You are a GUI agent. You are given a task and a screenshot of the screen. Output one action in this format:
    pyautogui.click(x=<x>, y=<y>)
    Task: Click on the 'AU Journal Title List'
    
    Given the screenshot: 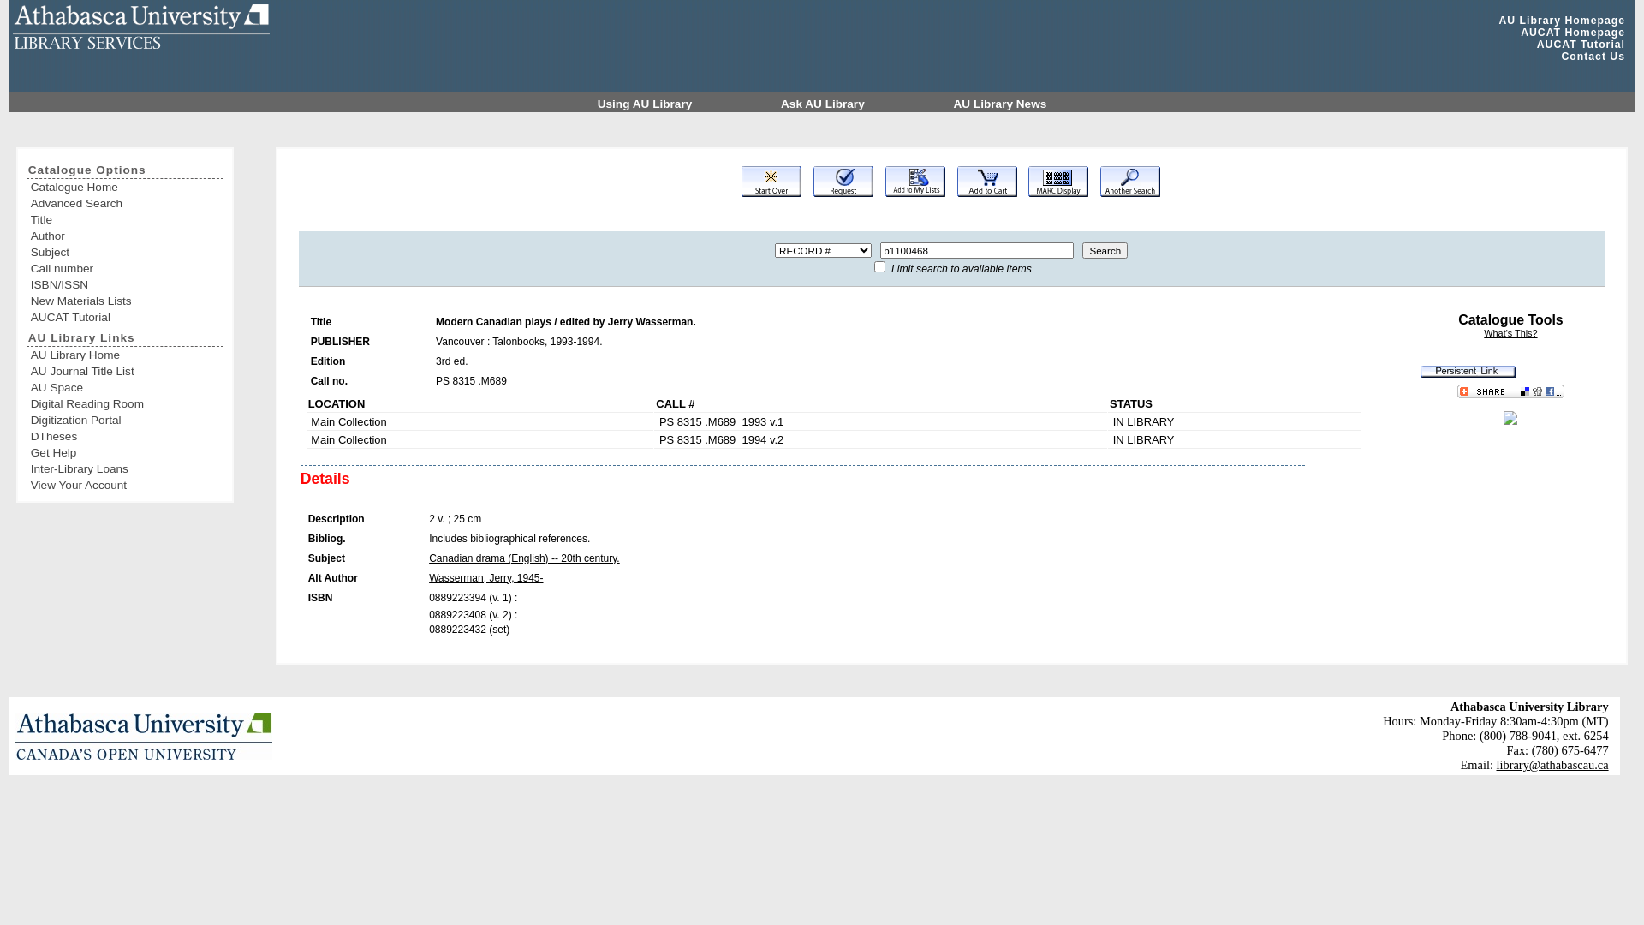 What is the action you would take?
    pyautogui.click(x=125, y=370)
    